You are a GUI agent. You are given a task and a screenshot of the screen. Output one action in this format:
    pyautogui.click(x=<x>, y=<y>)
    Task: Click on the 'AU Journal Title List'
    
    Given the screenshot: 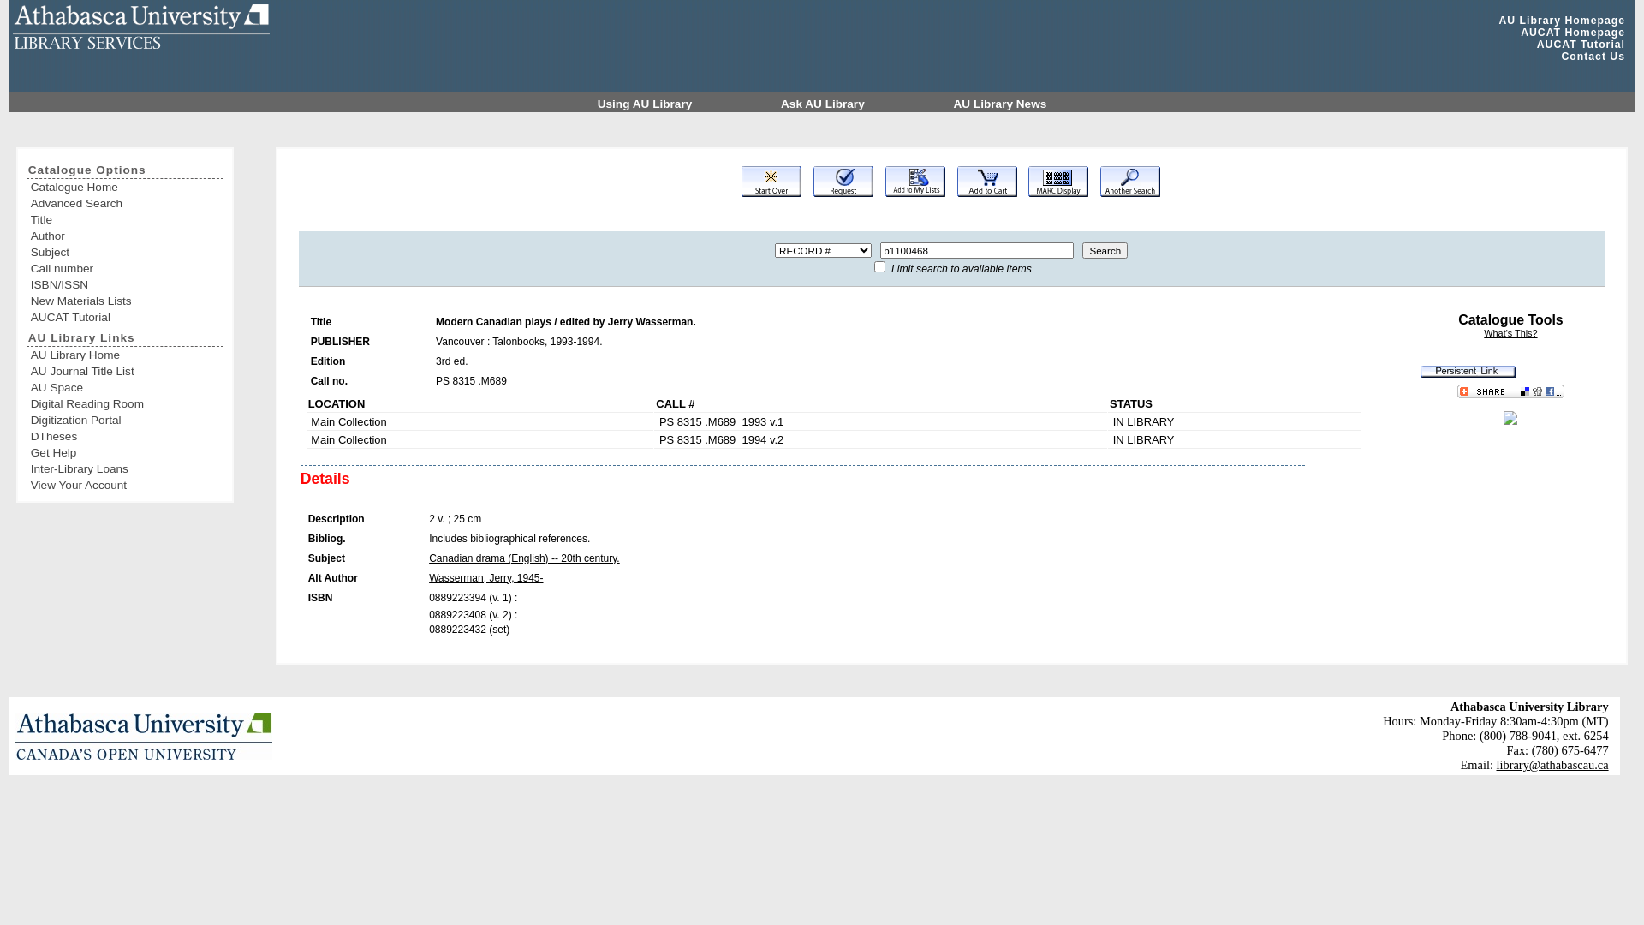 What is the action you would take?
    pyautogui.click(x=125, y=370)
    